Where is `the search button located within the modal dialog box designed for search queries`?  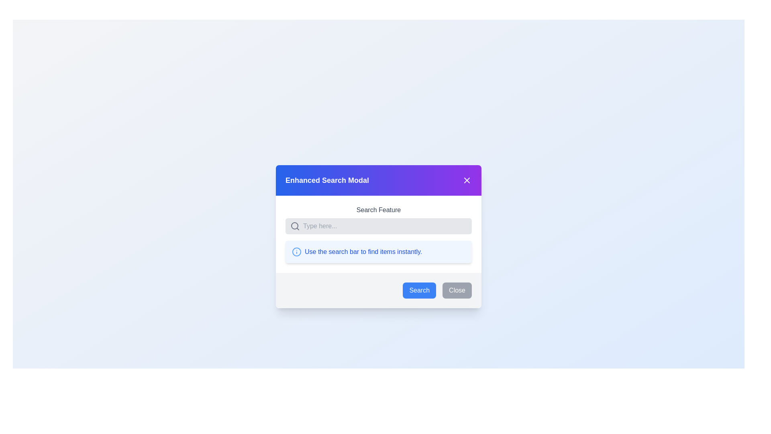
the search button located within the modal dialog box designed for search queries is located at coordinates (378, 236).